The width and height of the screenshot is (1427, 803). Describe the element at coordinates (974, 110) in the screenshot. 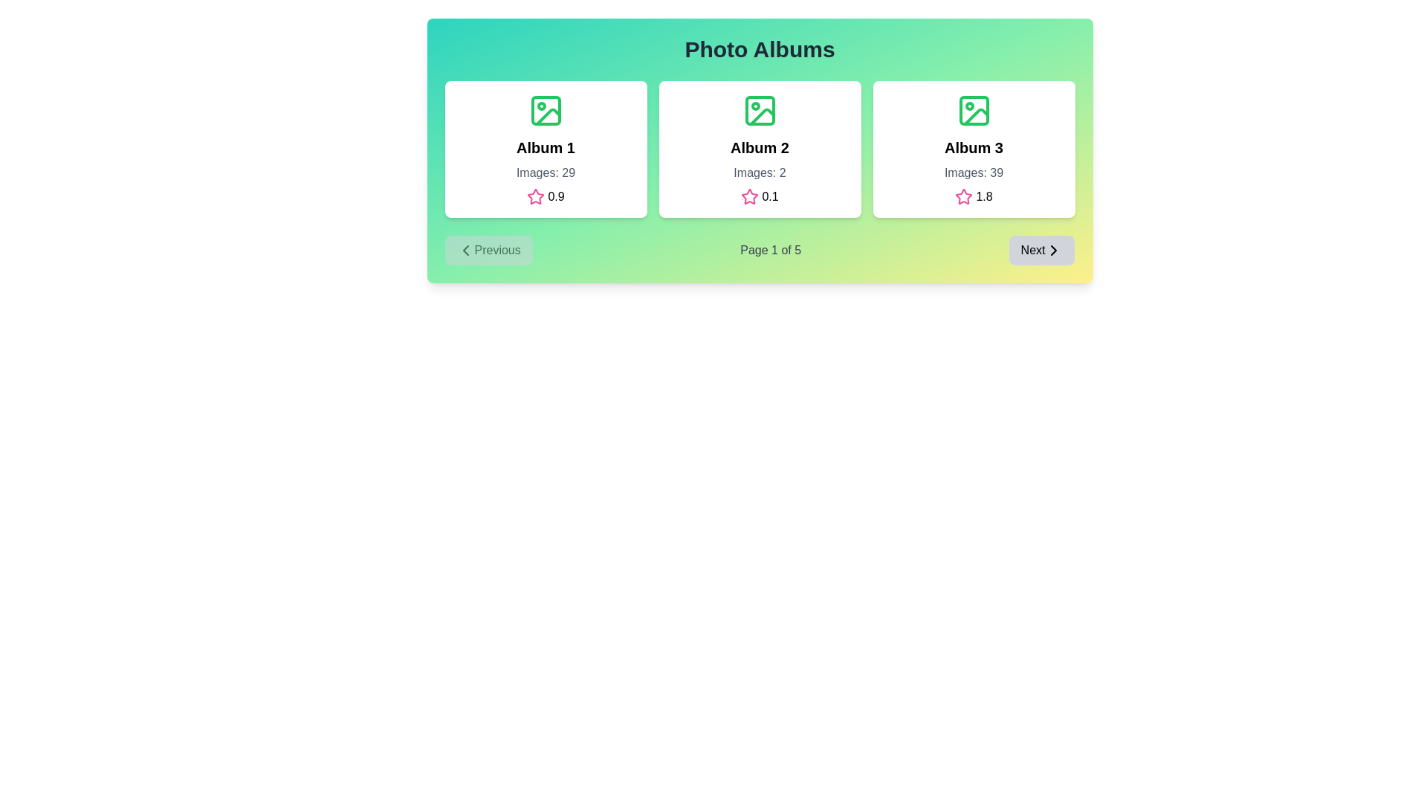

I see `the album icon located at the top center of the 'Album 3' card, which visually represents the photo content` at that location.